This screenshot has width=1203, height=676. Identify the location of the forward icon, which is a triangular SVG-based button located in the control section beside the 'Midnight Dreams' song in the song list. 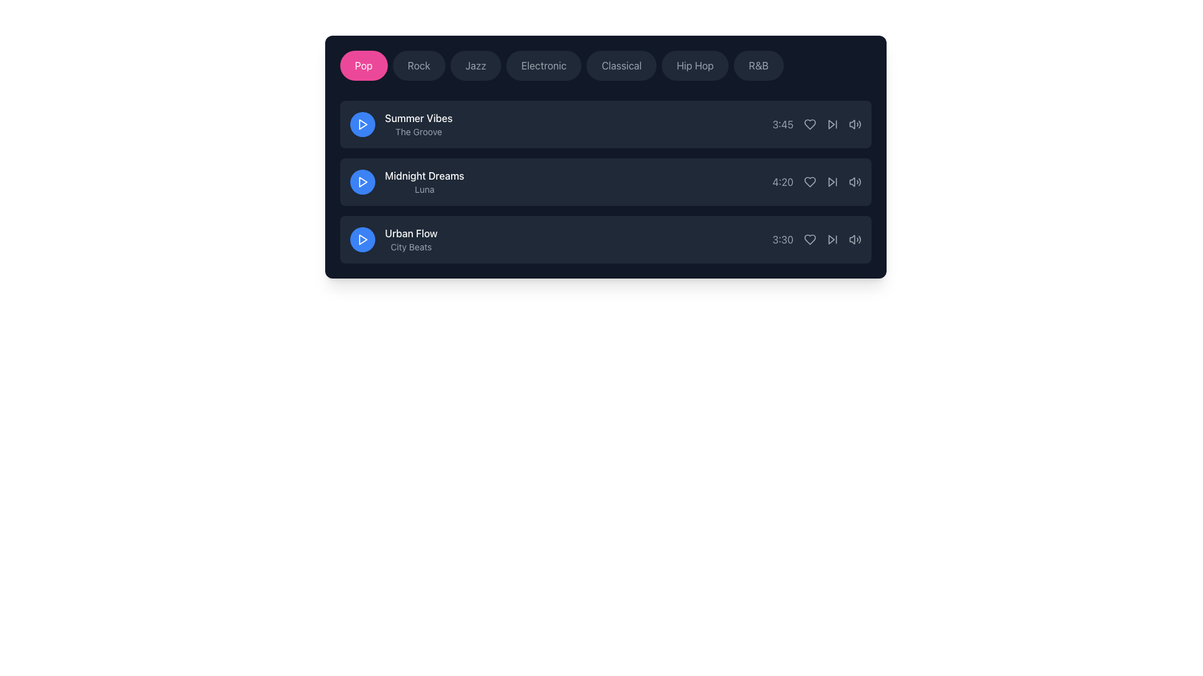
(831, 182).